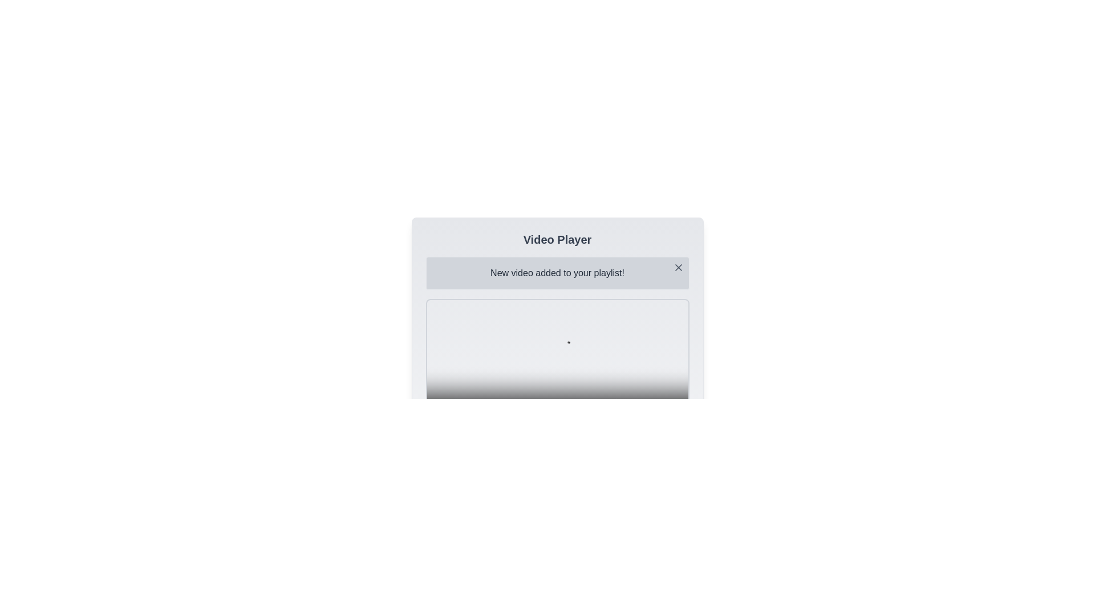 This screenshot has height=615, width=1095. Describe the element at coordinates (678, 268) in the screenshot. I see `the close button located in the top-right corner of the notification box that dismisses the notification with the text 'New video added to your playlist!'` at that location.